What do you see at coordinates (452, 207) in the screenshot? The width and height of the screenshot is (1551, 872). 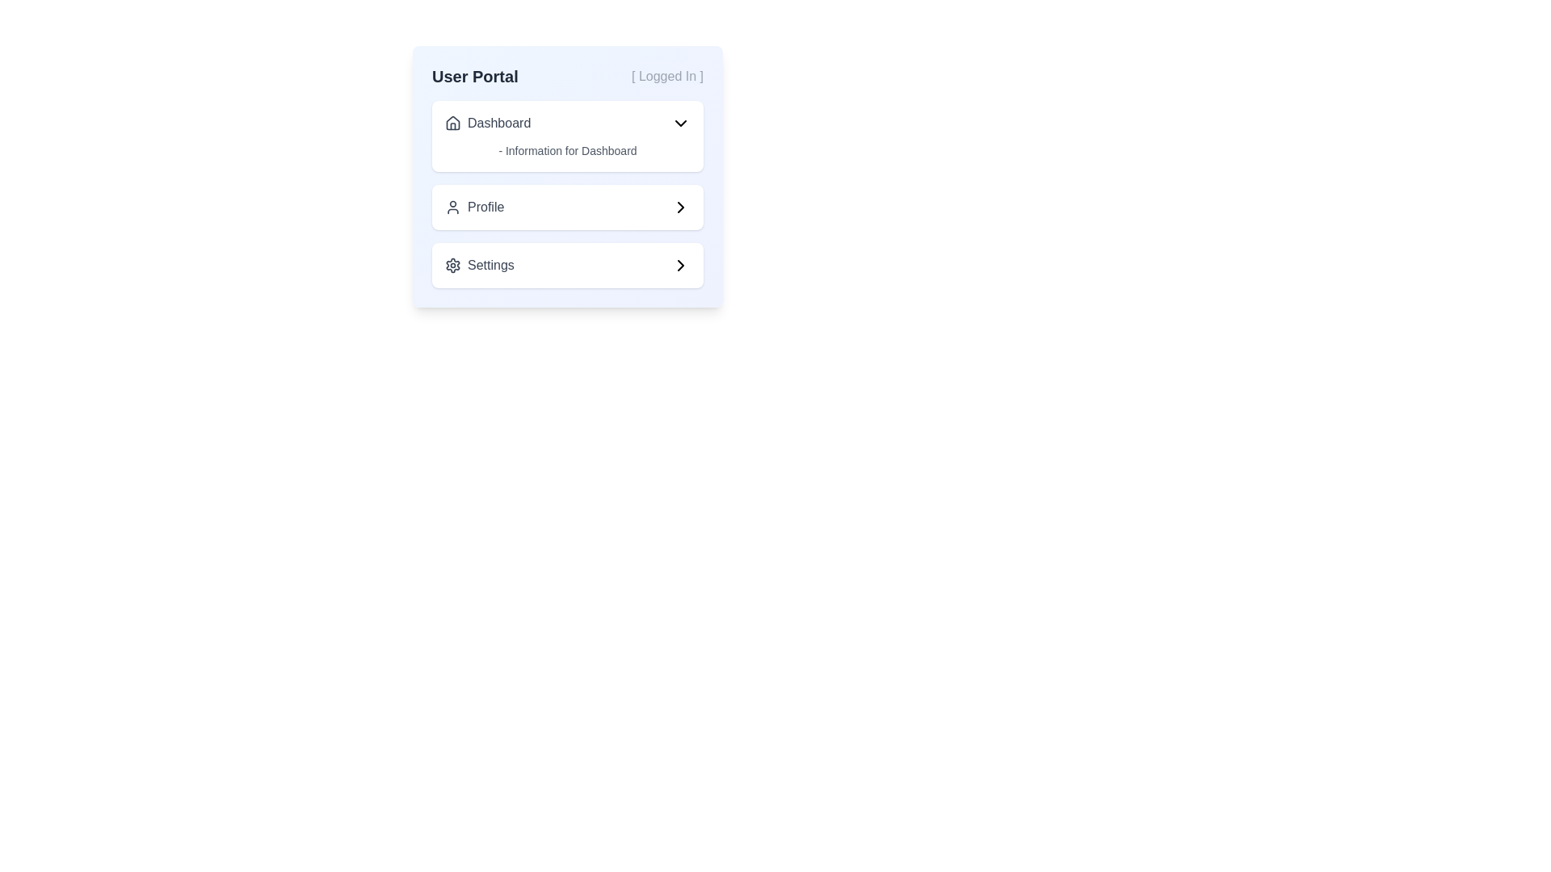 I see `the user profile icon located to the left of the 'Profile' label in the second row of the menu list` at bounding box center [452, 207].